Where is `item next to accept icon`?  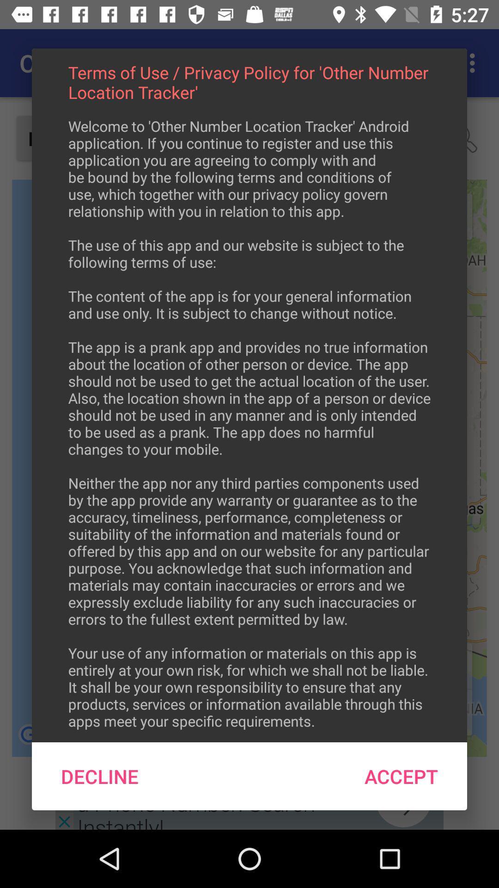
item next to accept icon is located at coordinates (100, 776).